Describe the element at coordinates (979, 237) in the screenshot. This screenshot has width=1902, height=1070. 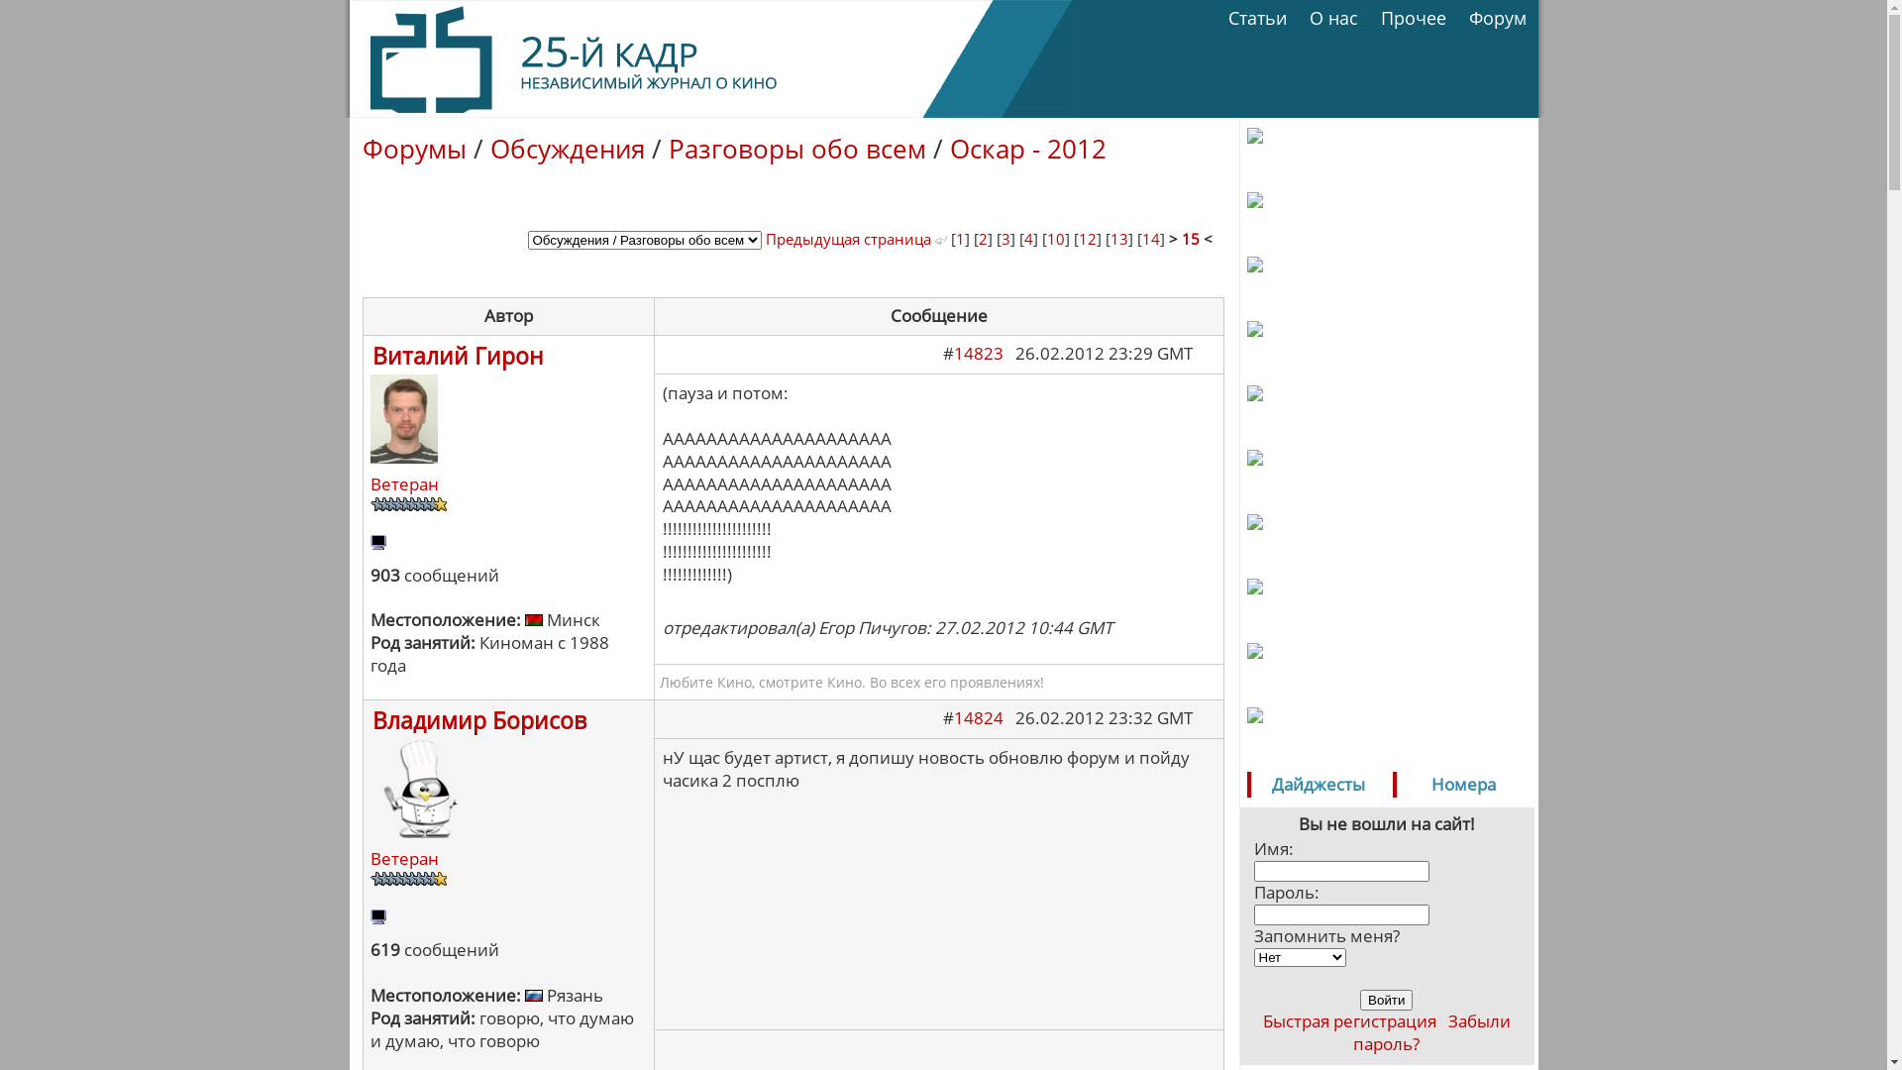
I see `'2'` at that location.